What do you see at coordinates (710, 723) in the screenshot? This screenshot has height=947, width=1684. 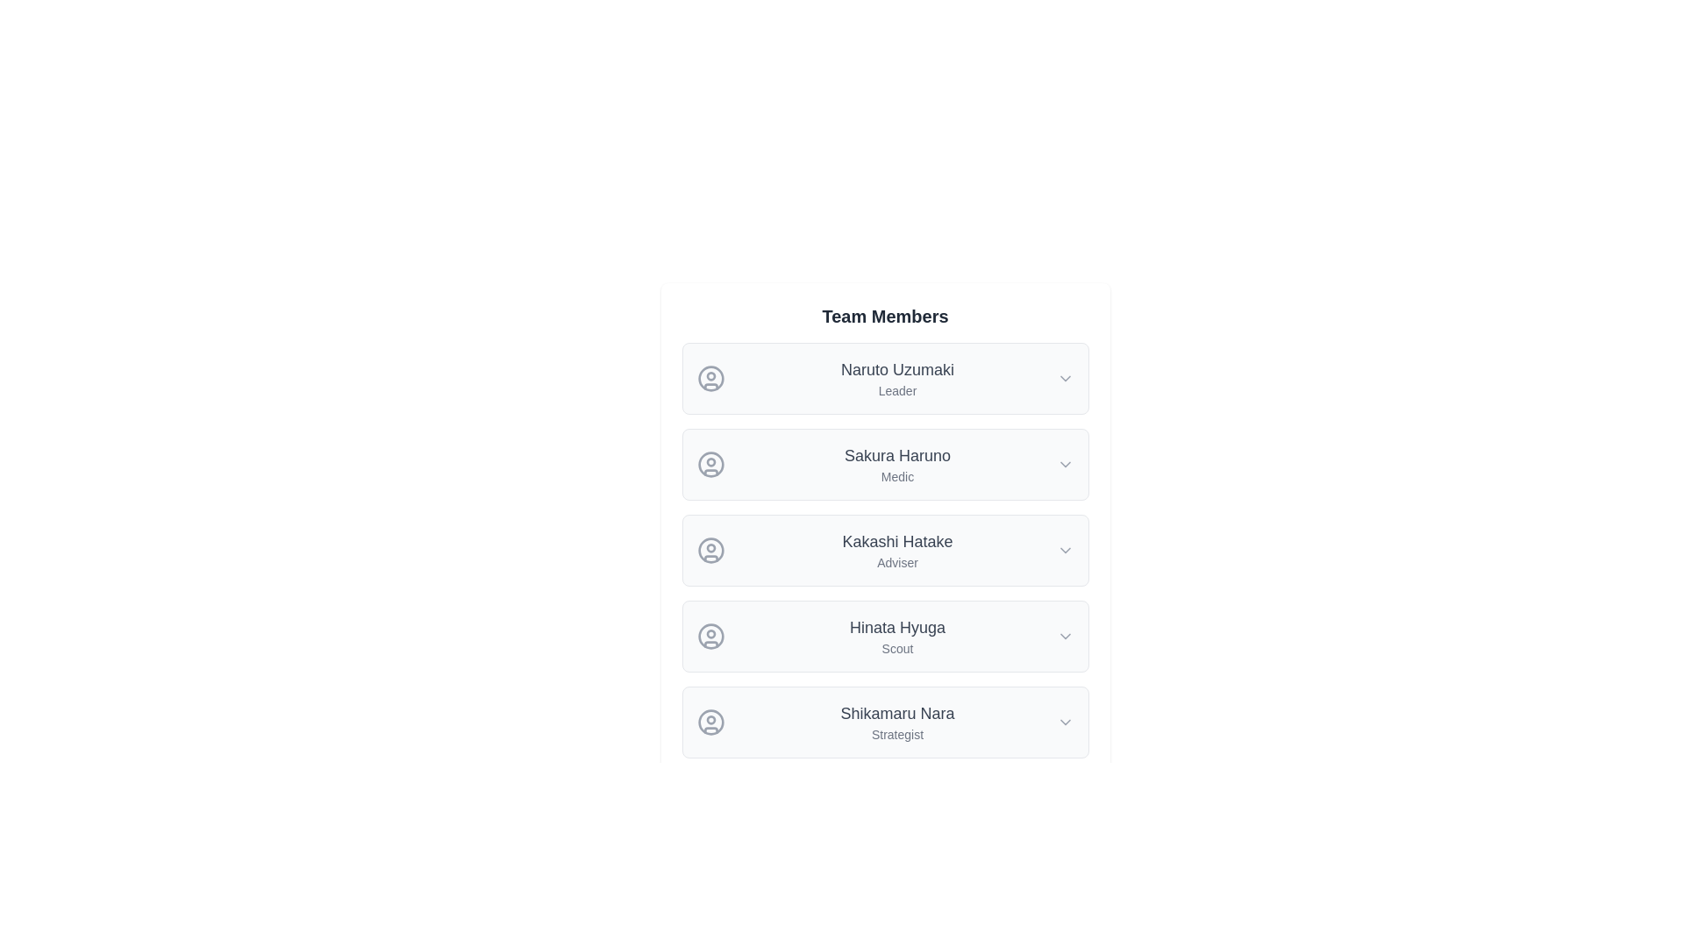 I see `the decorative SVG circle that forms the outermost boundary of Shikamaru Nara's user profile icon in the Team Members section` at bounding box center [710, 723].